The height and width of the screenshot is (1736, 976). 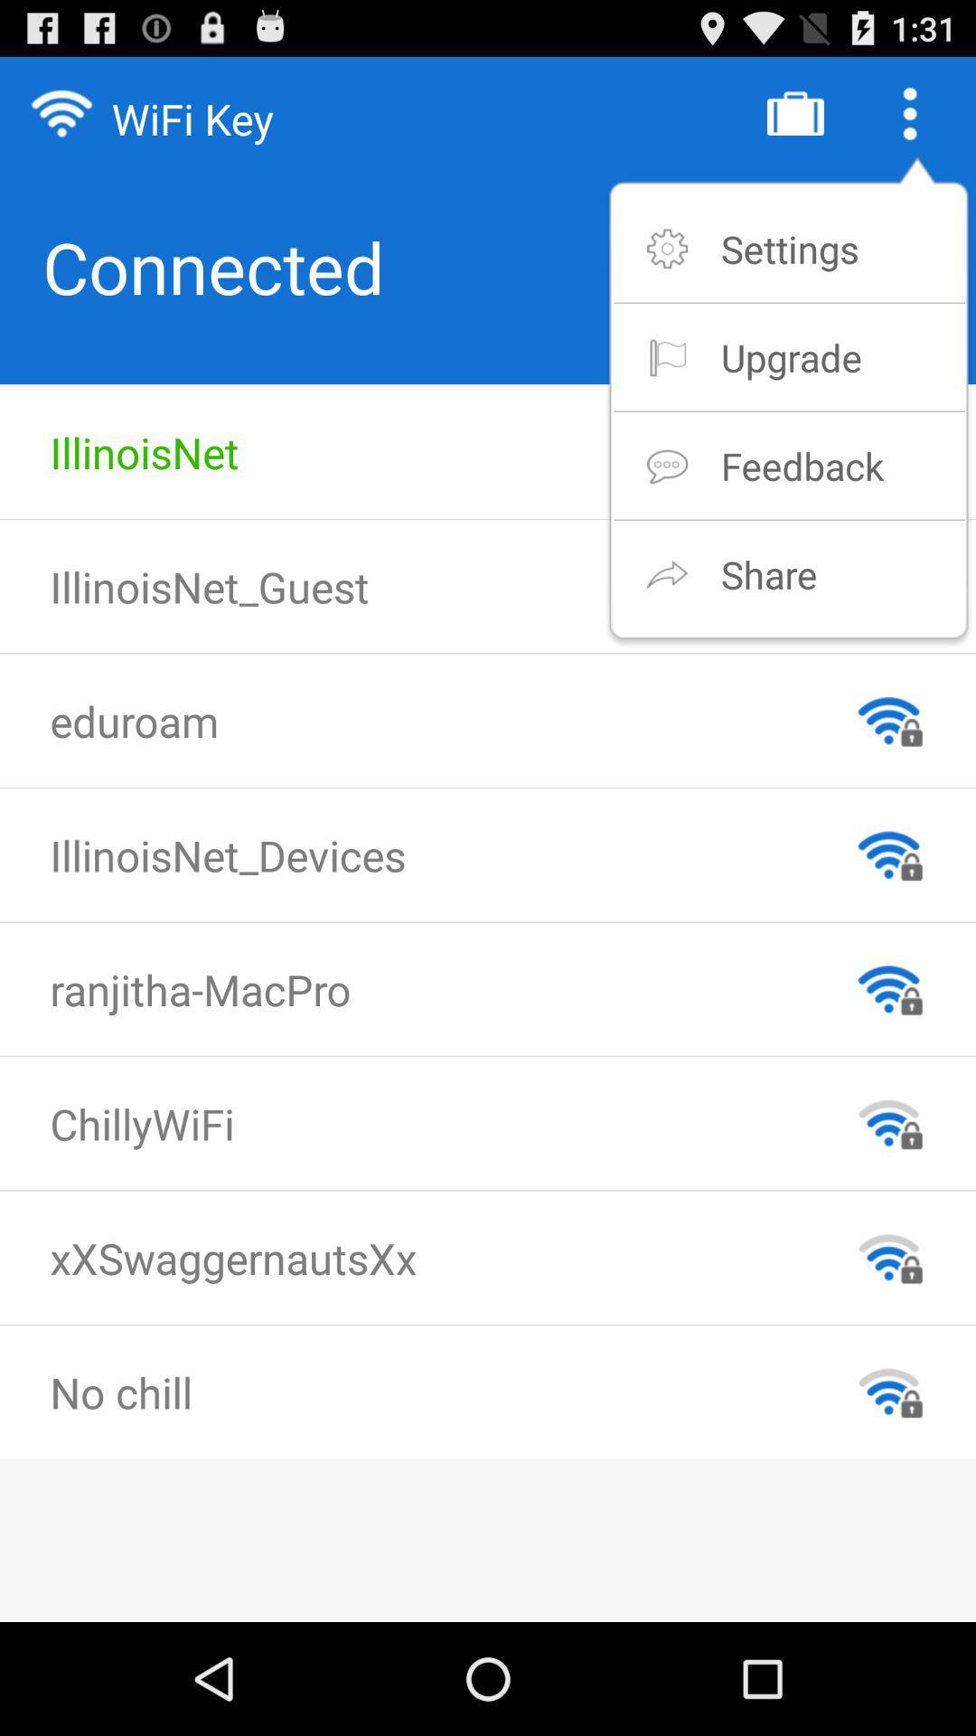 What do you see at coordinates (789, 248) in the screenshot?
I see `settings` at bounding box center [789, 248].